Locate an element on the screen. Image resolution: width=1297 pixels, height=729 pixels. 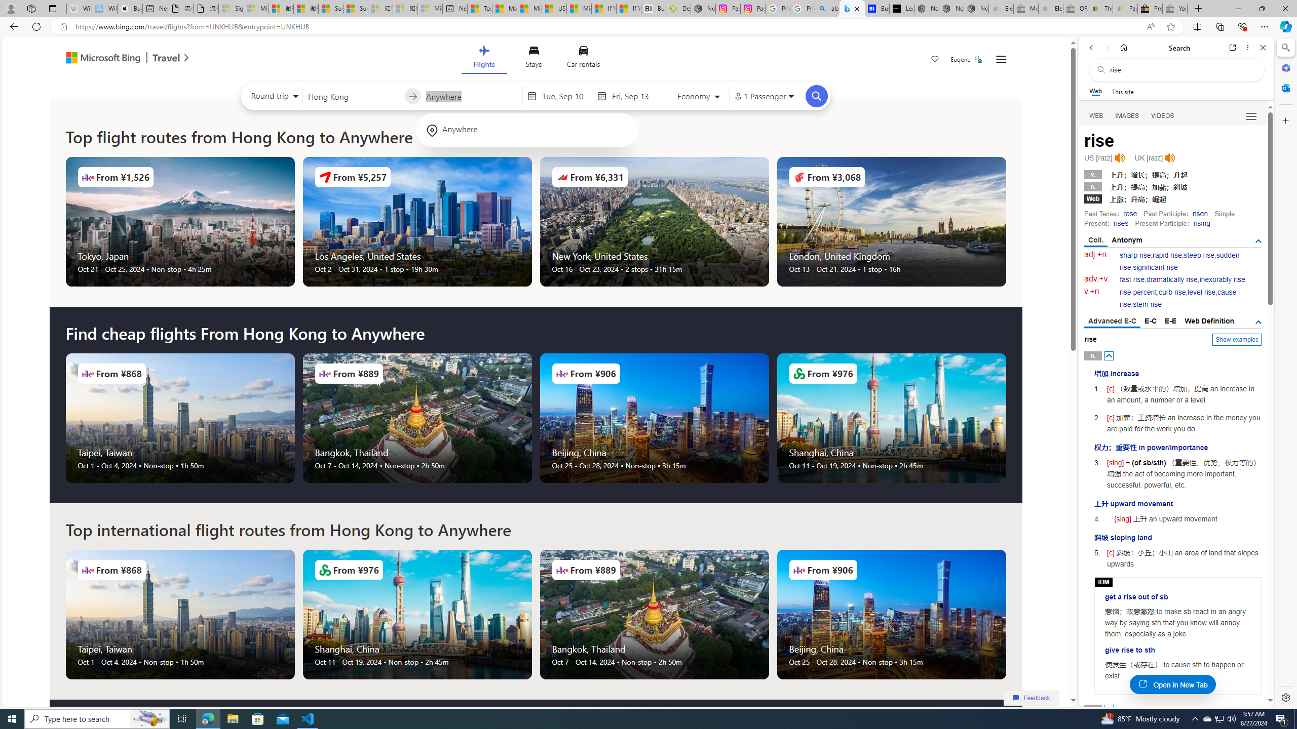
'risen' is located at coordinates (1200, 213).